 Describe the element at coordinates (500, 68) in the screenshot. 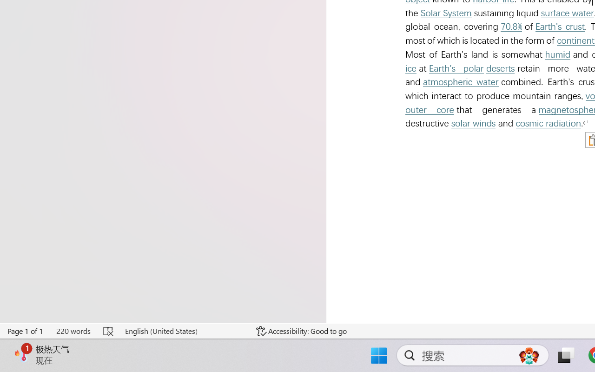

I see `'deserts'` at that location.